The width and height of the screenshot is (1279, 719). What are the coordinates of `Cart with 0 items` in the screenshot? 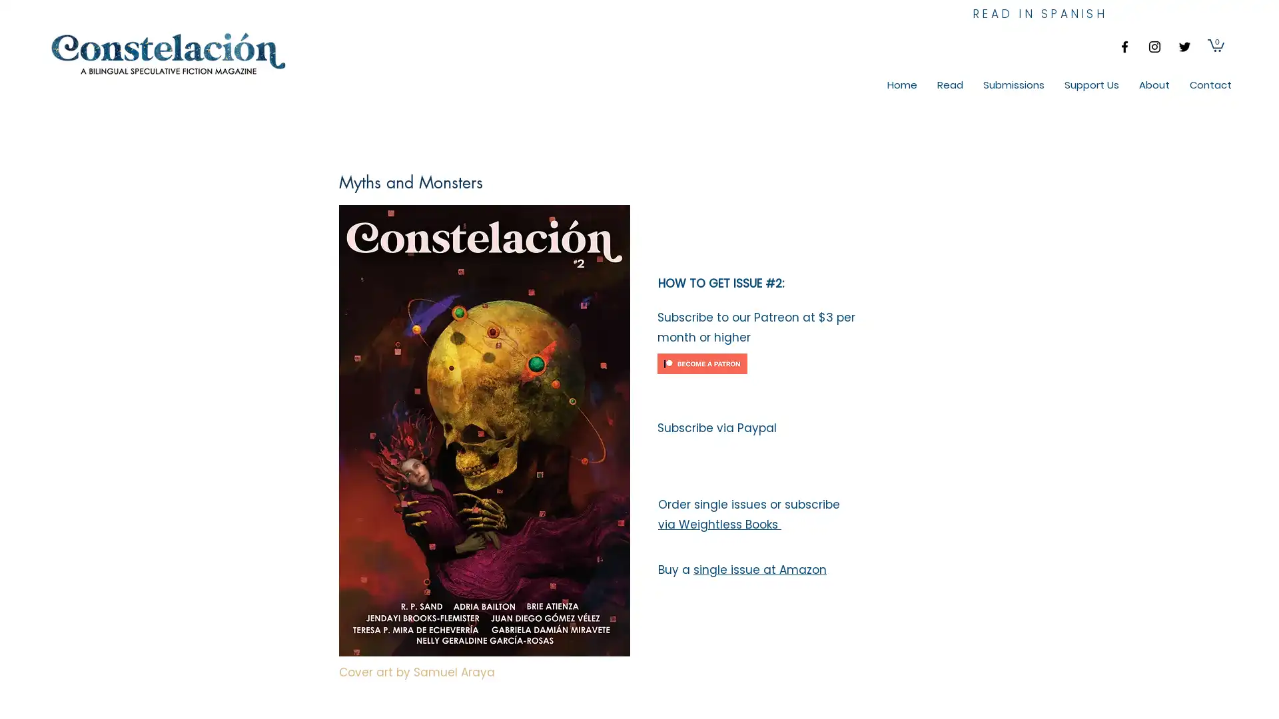 It's located at (1216, 43).